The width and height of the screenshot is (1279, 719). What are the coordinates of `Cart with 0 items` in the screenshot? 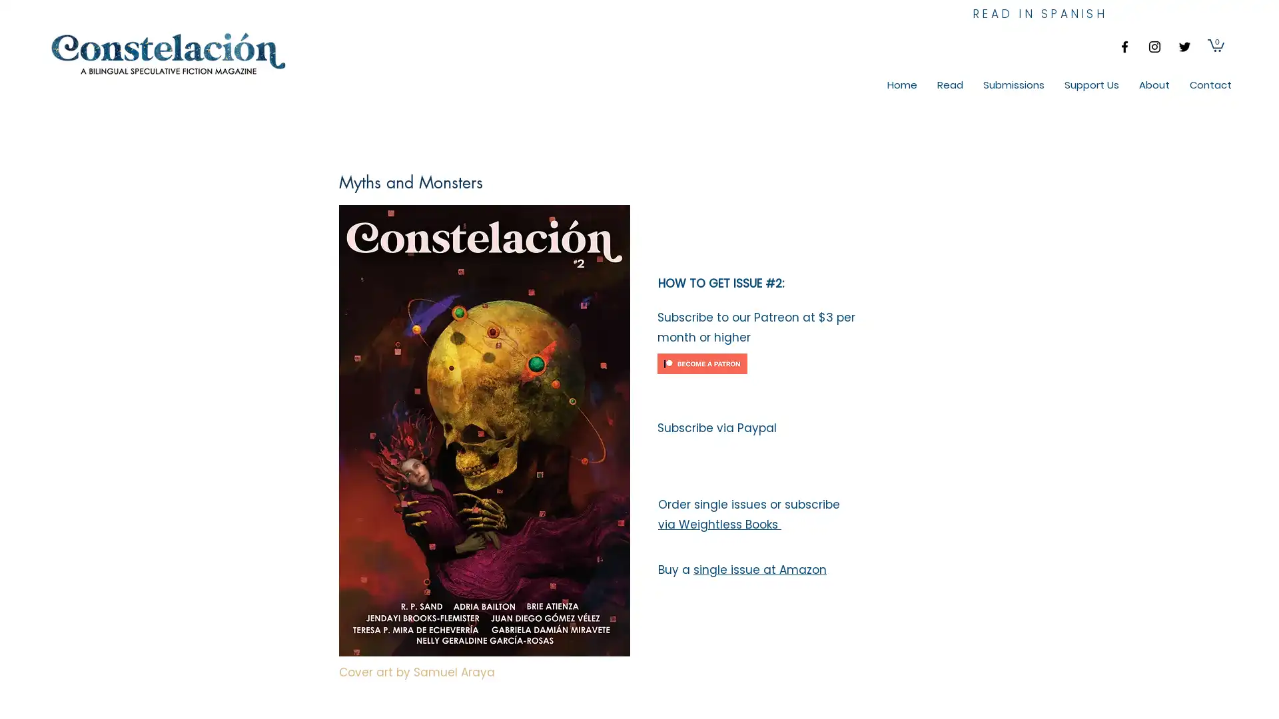 It's located at (1216, 43).